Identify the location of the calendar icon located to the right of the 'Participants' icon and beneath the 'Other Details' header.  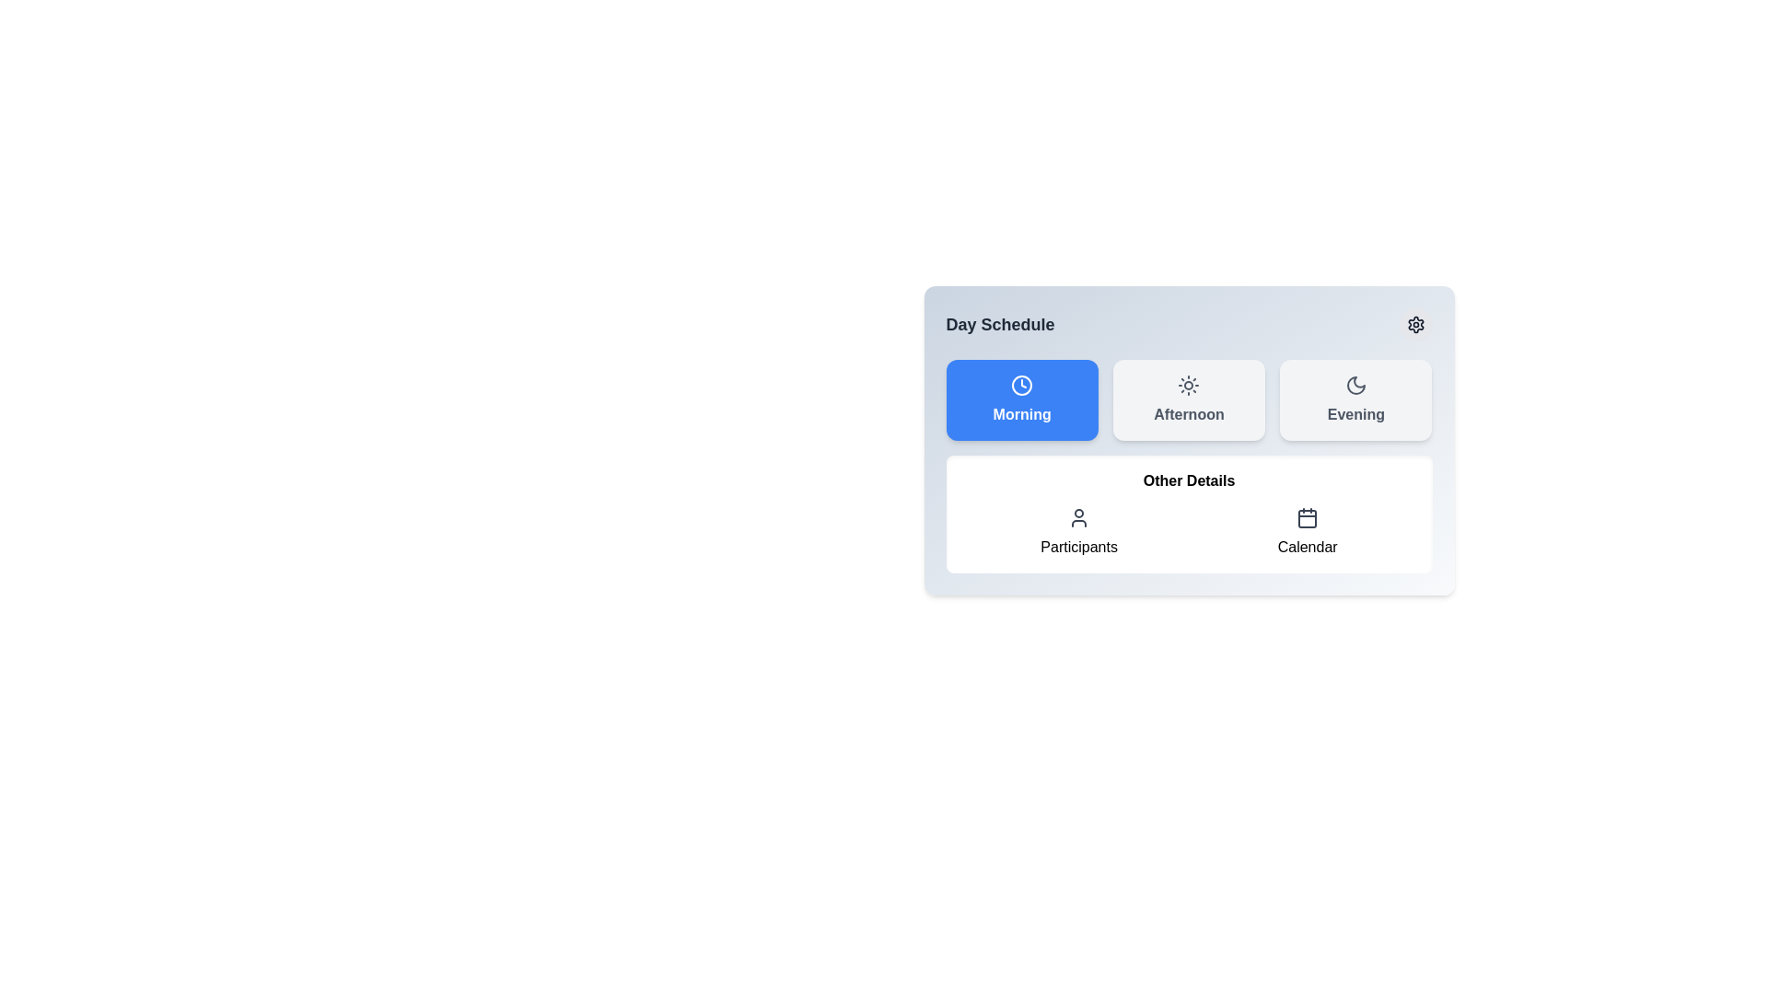
(1307, 518).